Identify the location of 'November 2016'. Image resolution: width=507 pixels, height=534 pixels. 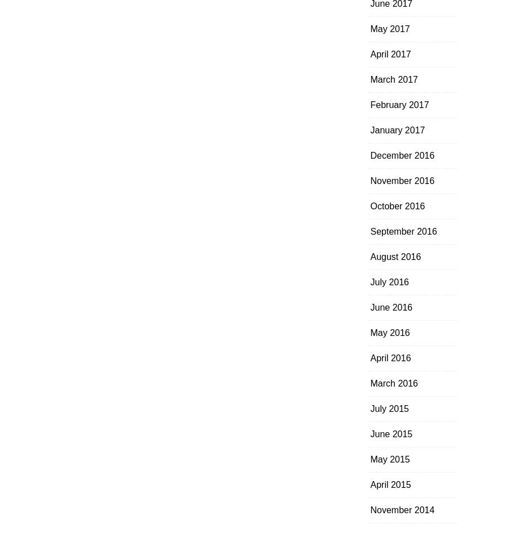
(401, 181).